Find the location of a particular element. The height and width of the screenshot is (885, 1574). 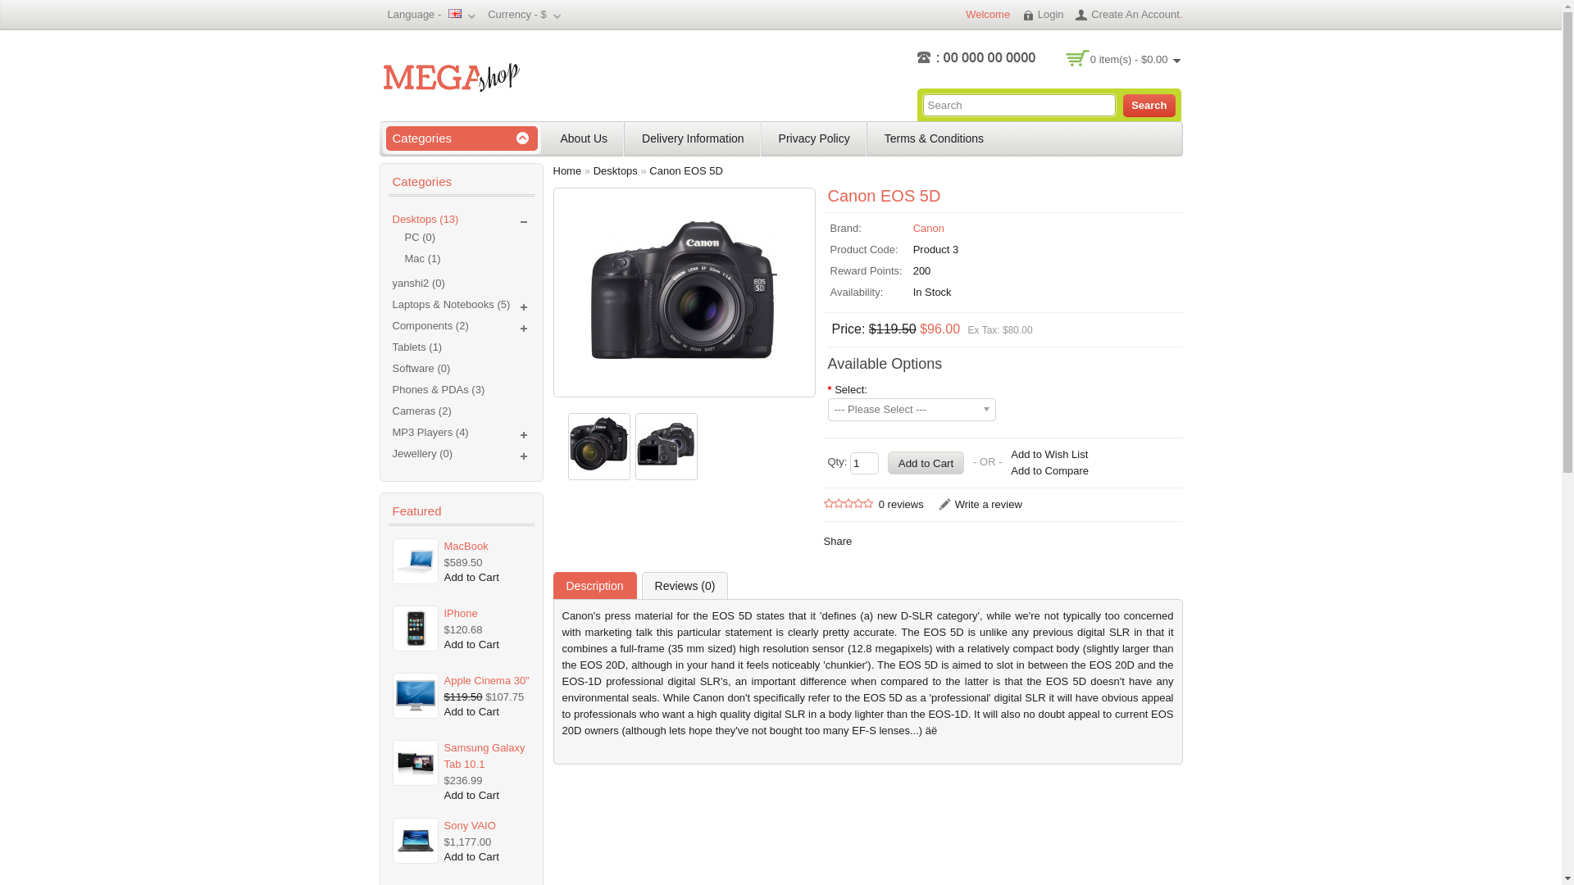

'PC (0)' is located at coordinates (466, 237).